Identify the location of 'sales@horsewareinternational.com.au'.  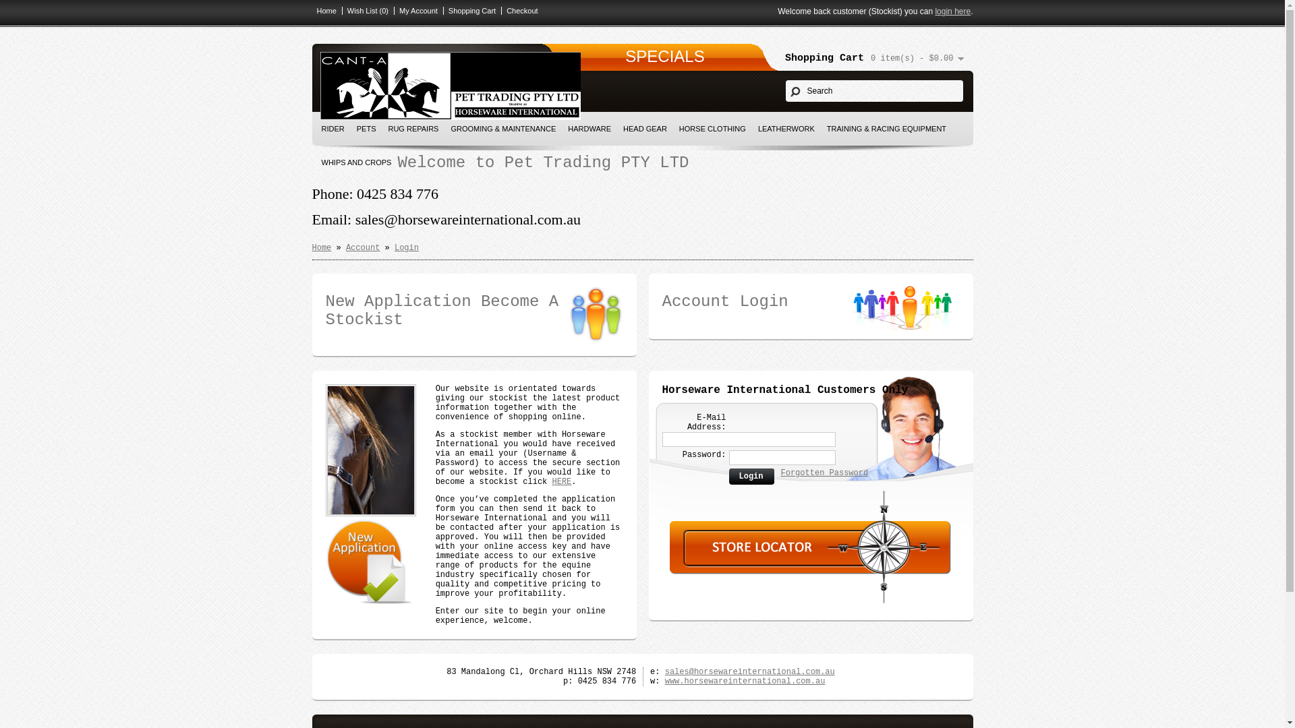
(749, 671).